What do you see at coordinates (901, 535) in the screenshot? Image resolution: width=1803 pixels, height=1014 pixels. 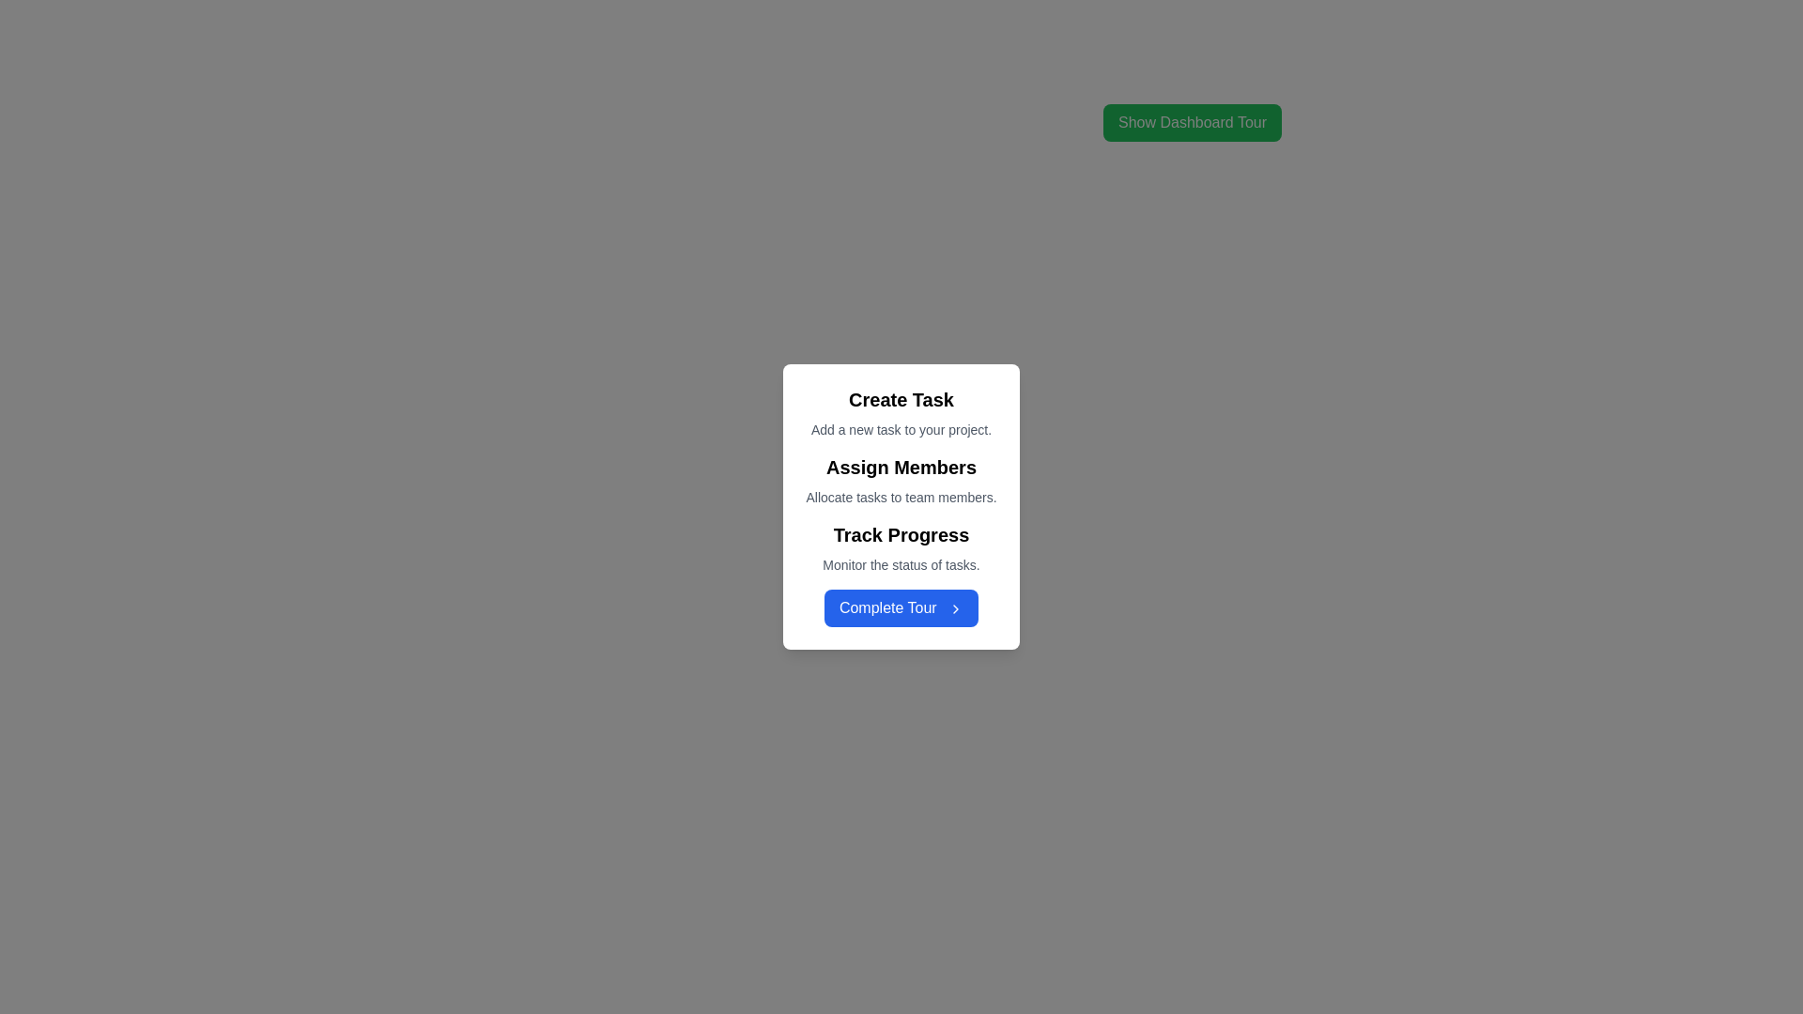 I see `the text label that serves as the title for the section related to tracking task progress, located within a card-style design` at bounding box center [901, 535].